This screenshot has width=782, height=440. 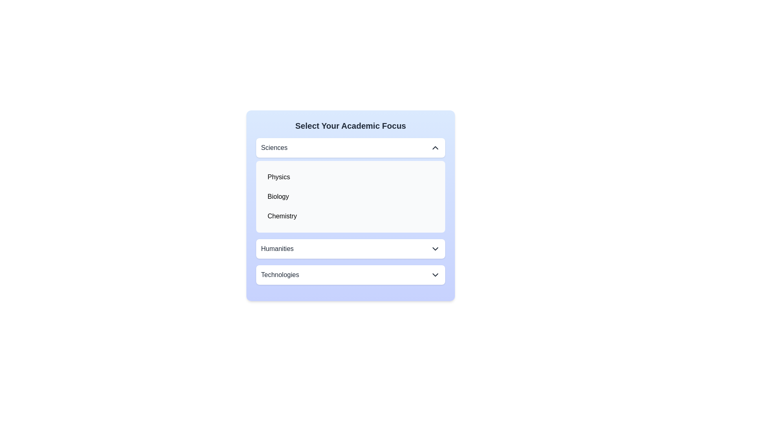 I want to click on the selectable text label related to Chemistry studies within the 'Sciences' dropdown, positioned as the third item following 'Physics' and 'Biology', so click(x=282, y=216).